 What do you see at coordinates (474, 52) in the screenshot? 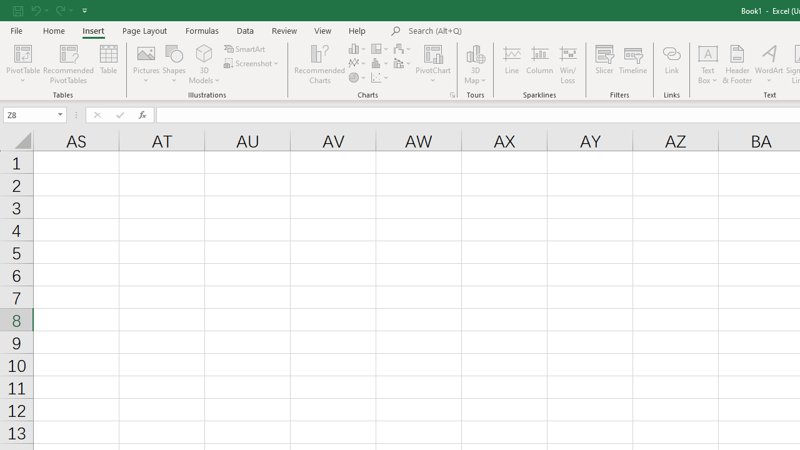
I see `'3D Map'` at bounding box center [474, 52].